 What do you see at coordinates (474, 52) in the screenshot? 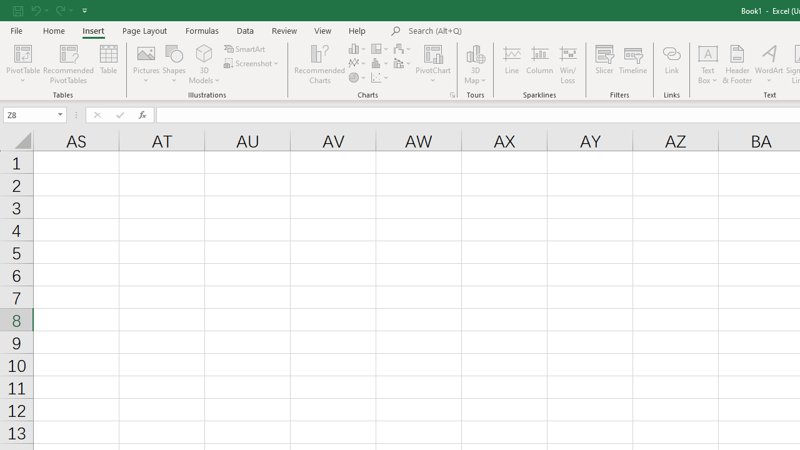
I see `'3D Map'` at bounding box center [474, 52].